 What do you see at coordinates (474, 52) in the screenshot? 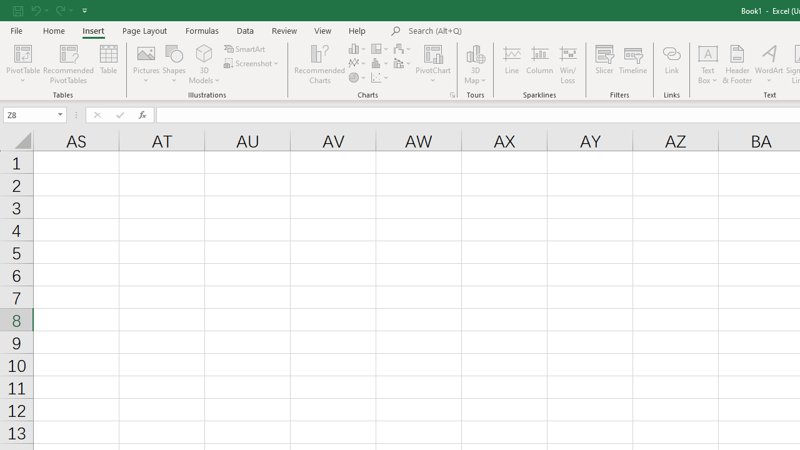
I see `'3D Map'` at bounding box center [474, 52].